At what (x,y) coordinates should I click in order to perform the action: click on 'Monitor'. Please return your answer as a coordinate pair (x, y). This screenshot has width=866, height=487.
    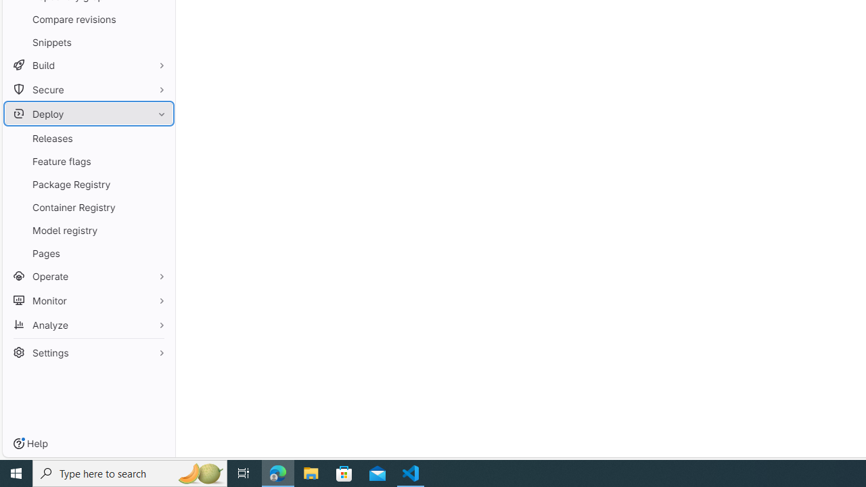
    Looking at the image, I should click on (88, 300).